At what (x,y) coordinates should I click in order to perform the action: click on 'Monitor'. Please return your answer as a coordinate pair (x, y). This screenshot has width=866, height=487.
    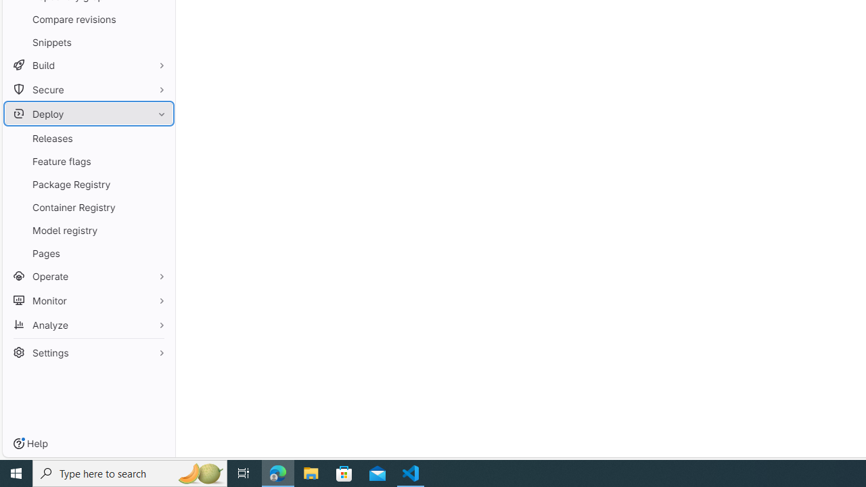
    Looking at the image, I should click on (88, 300).